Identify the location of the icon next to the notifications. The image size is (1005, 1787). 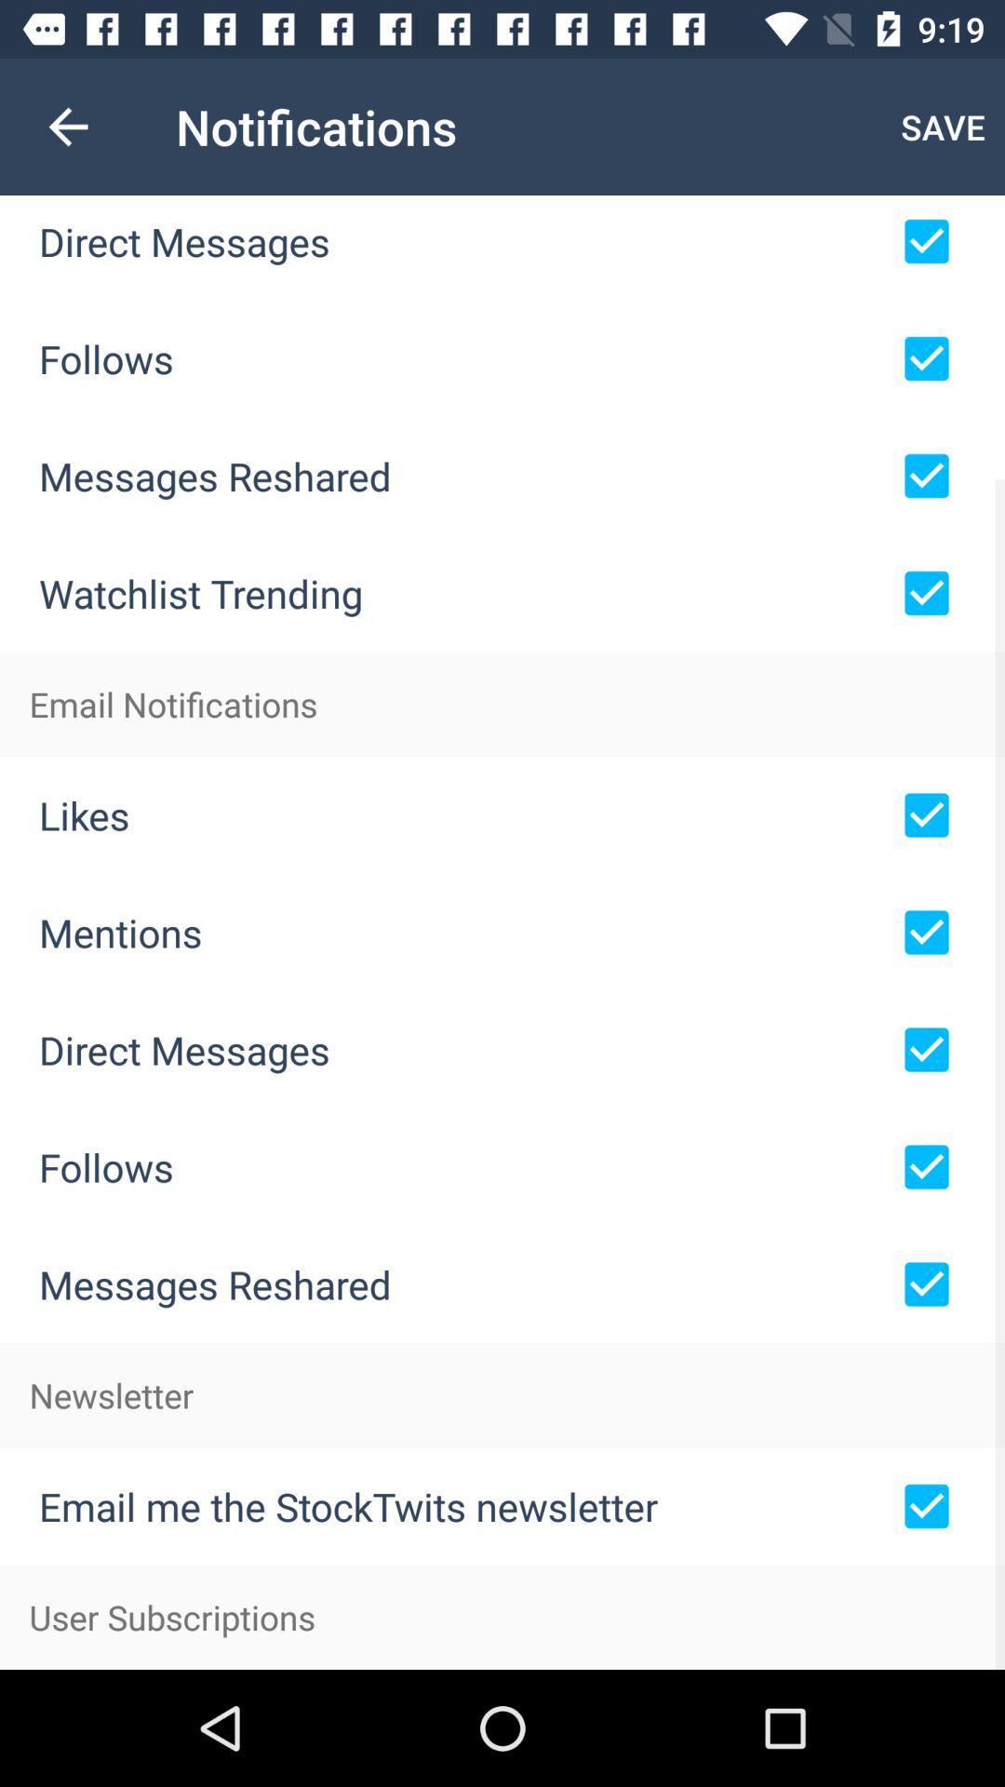
(943, 126).